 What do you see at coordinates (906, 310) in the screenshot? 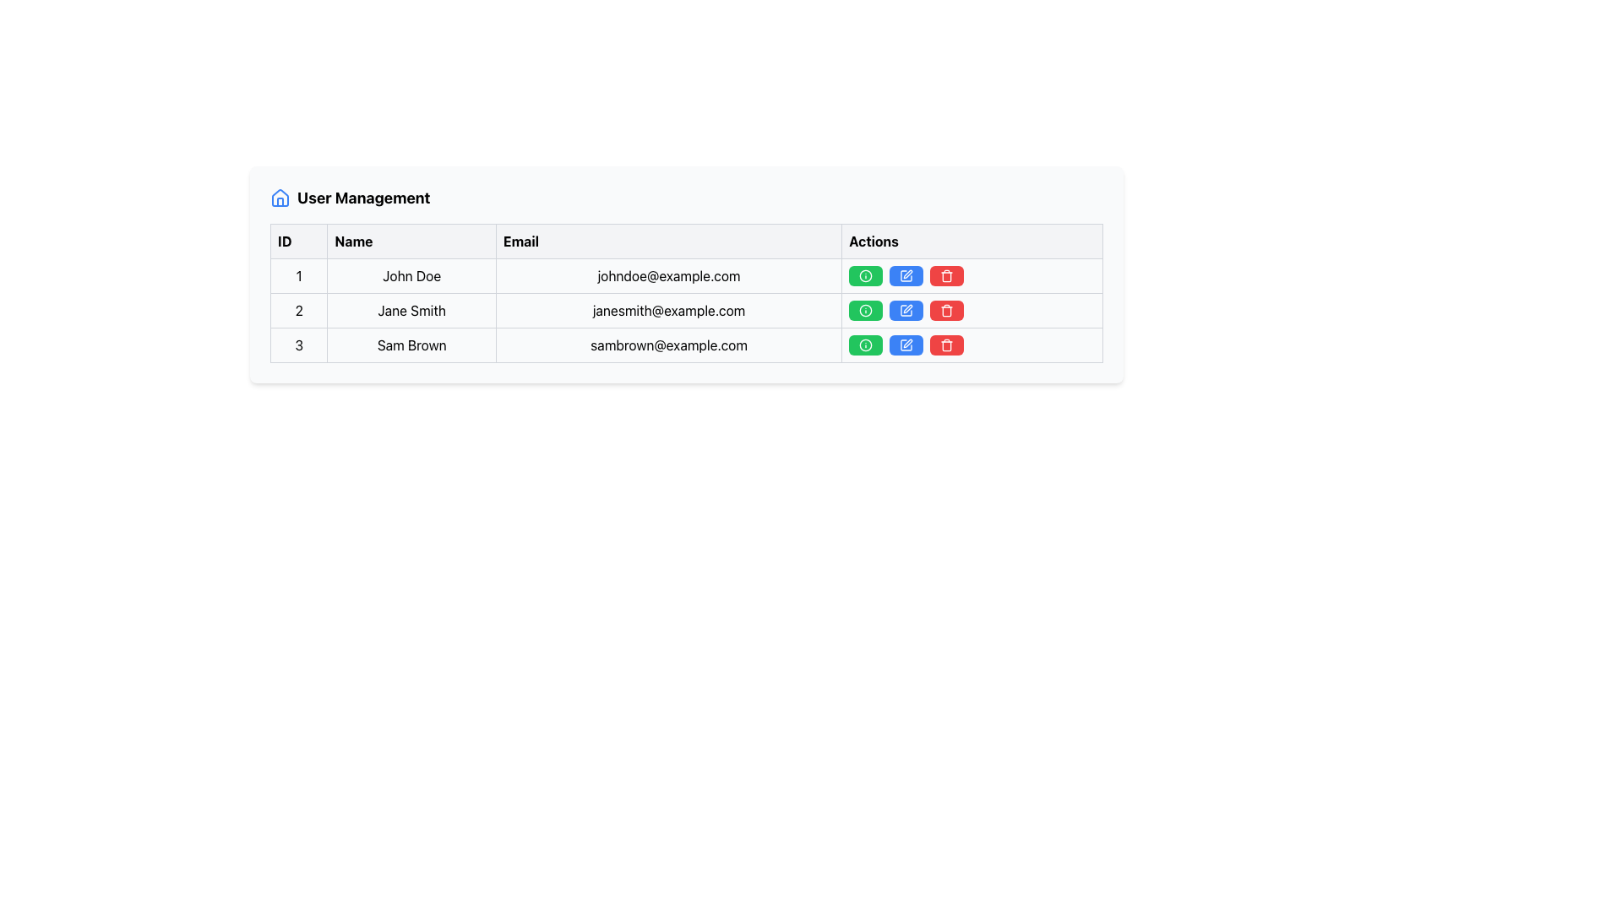
I see `the edit button with a blue background and a white outline pen icon located in the 'Actions' column of the user management table for the user with the email 'janesmith@example.com'` at bounding box center [906, 310].